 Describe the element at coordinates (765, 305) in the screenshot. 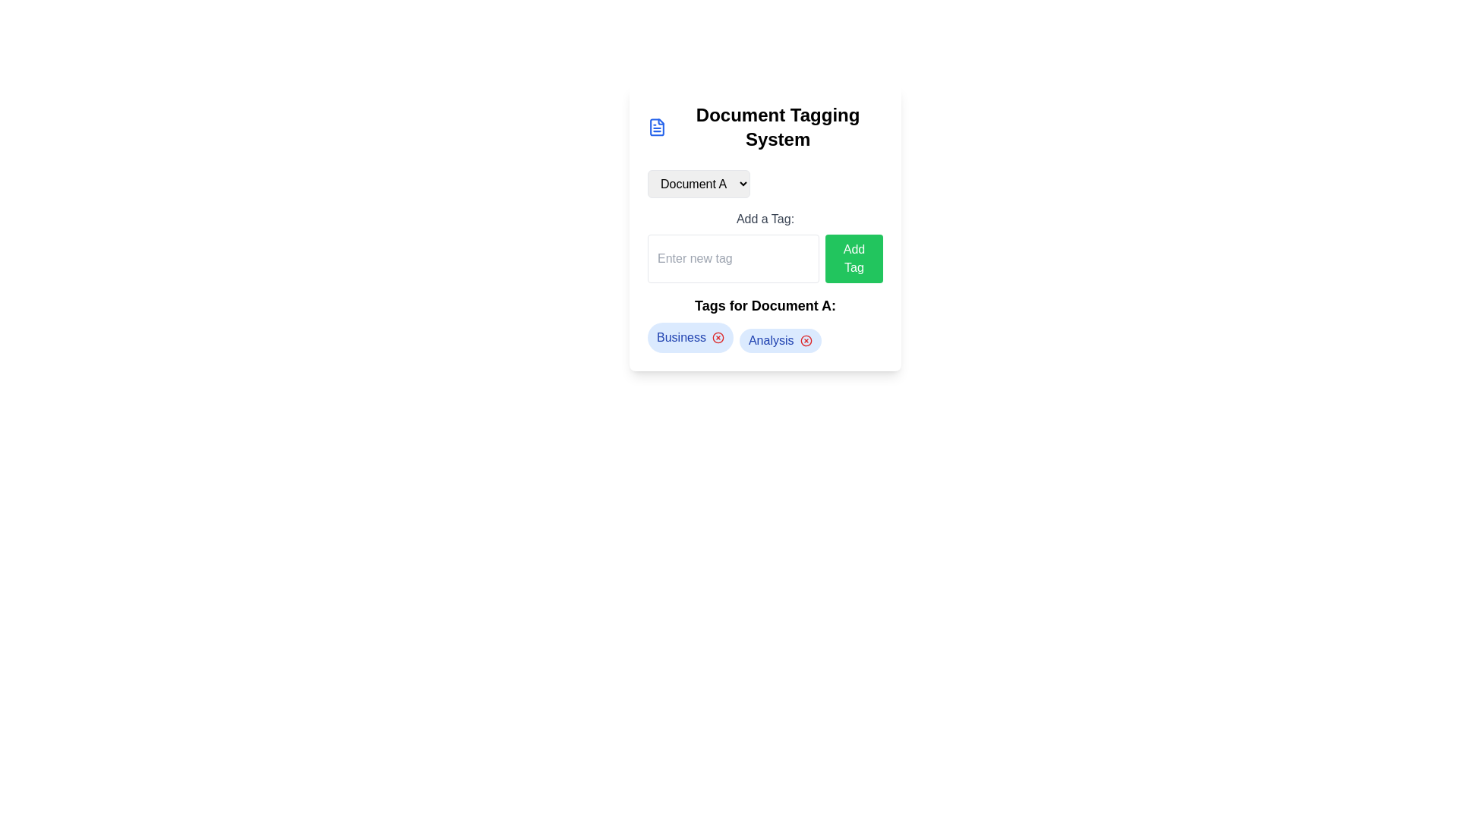

I see `the prominent text label that reads 'Tags for Document A:', which is styled in bold and larger text, located near the center of the interface, below the 'Add a Tag:' section` at that location.